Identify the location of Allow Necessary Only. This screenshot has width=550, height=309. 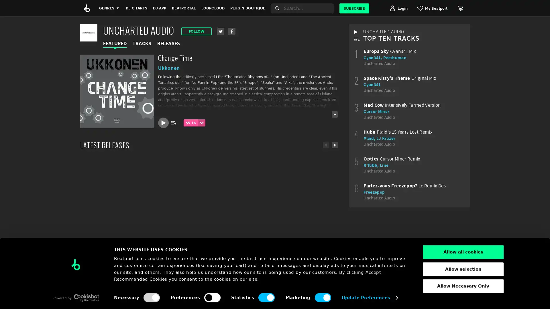
(463, 286).